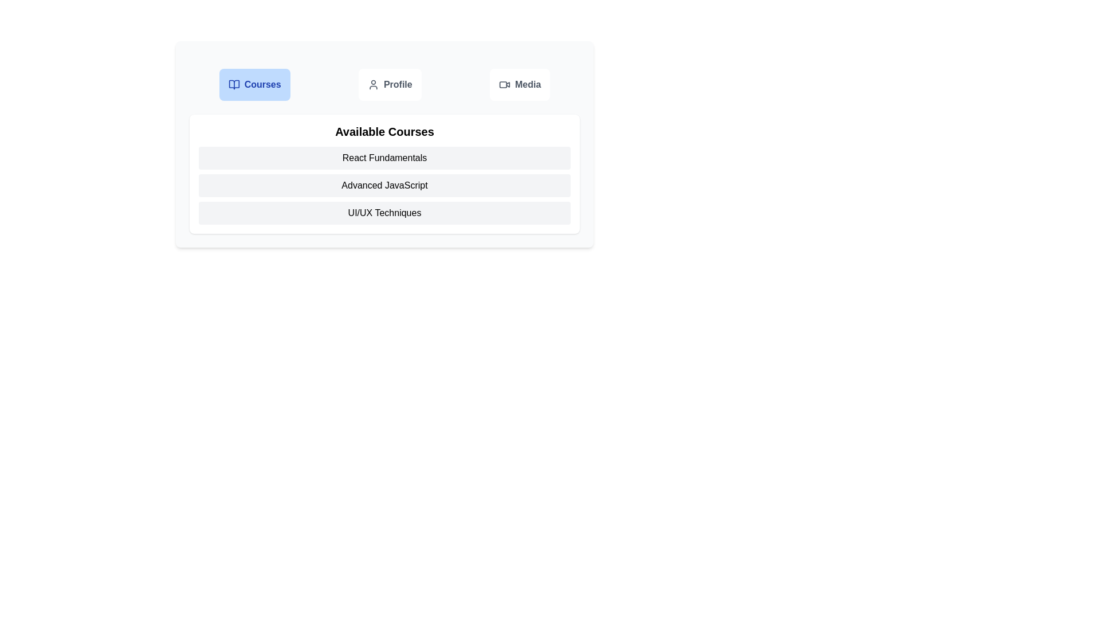 Image resolution: width=1100 pixels, height=619 pixels. I want to click on the 'Profile' button in the navigation bar, so click(384, 84).